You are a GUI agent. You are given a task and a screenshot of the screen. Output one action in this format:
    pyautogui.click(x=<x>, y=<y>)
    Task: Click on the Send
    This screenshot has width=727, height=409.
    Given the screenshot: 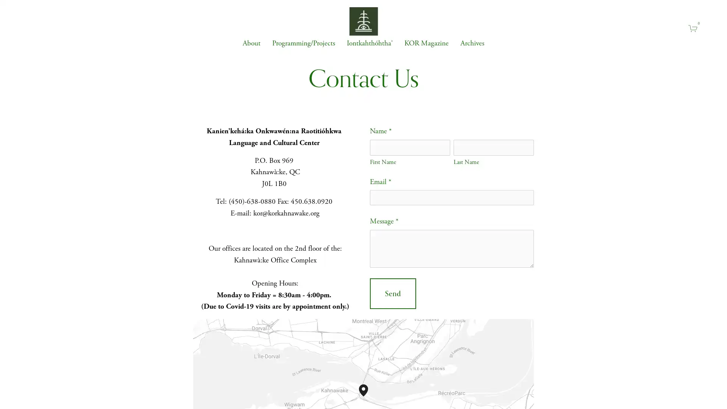 What is the action you would take?
    pyautogui.click(x=393, y=293)
    